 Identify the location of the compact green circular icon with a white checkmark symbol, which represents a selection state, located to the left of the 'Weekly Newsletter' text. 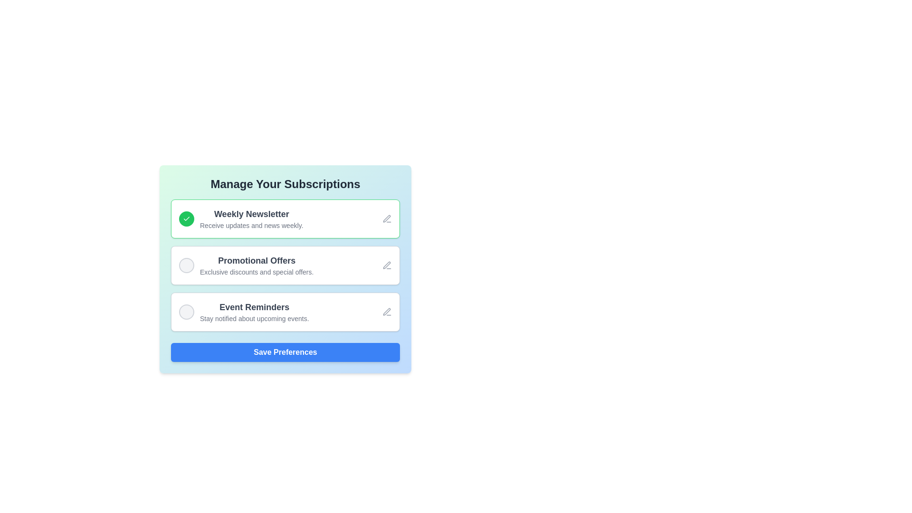
(187, 219).